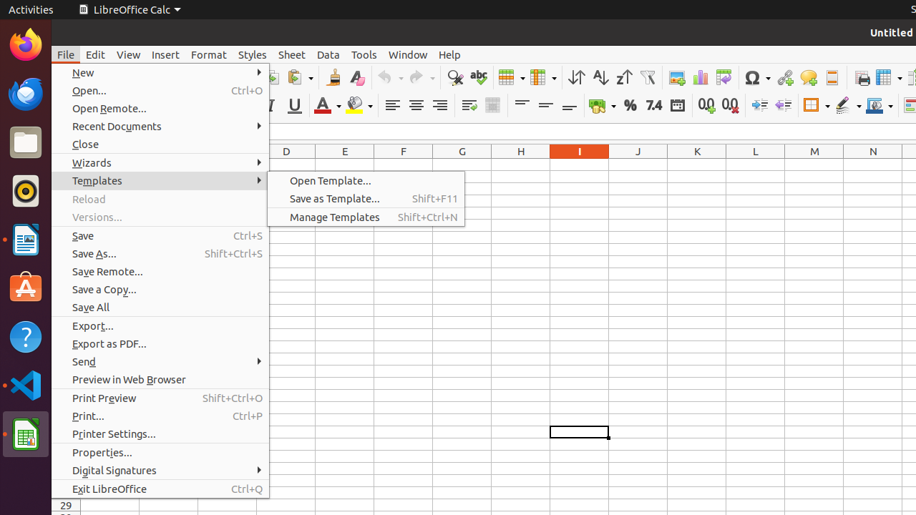  Describe the element at coordinates (94, 54) in the screenshot. I see `'Edit'` at that location.